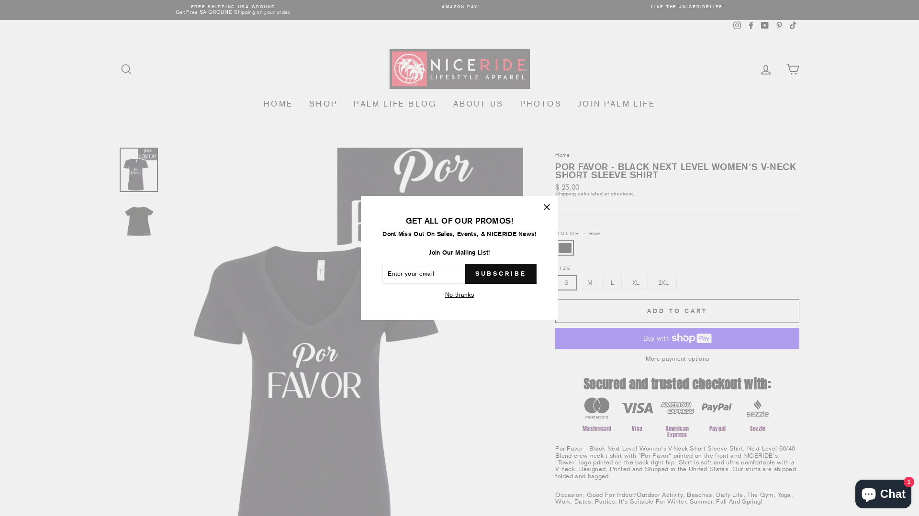  I want to click on 'CART', so click(793, 68).